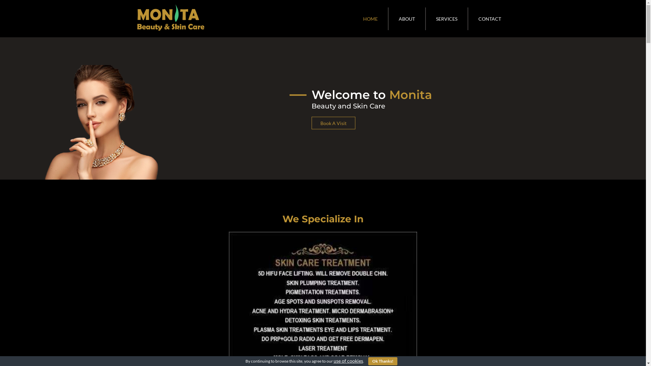  I want to click on 'SERVICES', so click(447, 18).